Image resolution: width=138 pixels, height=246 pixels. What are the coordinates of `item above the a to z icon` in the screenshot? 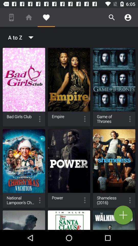 It's located at (11, 17).